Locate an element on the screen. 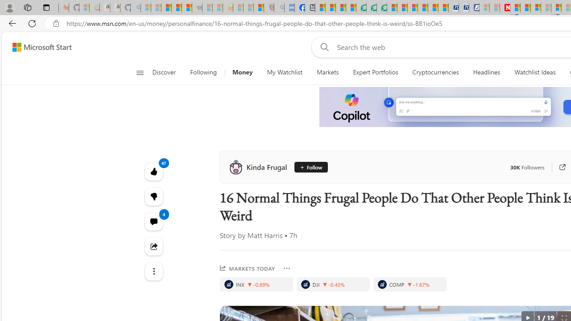  'Latest Politics News & Archive | Newsweek.com' is located at coordinates (505, 8).